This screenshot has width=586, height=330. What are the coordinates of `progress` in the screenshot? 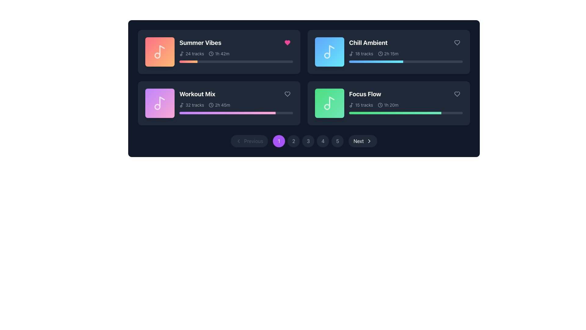 It's located at (234, 113).